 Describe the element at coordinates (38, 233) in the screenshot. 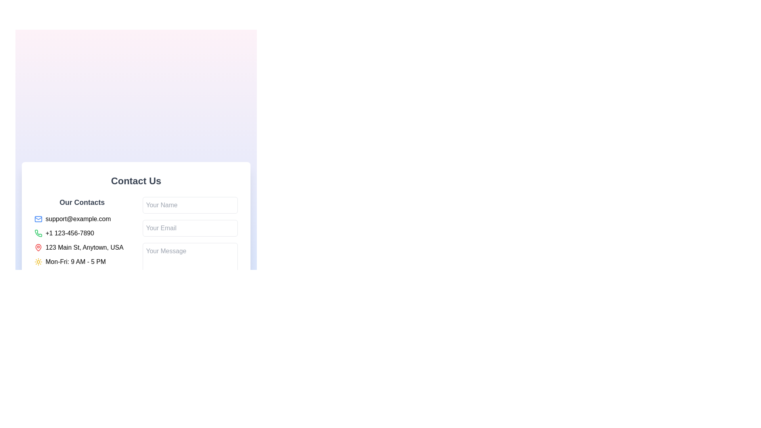

I see `the green-colored phone icon that resembles a traditional telephone receiver, located in the 'Our Contacts' section, to the left of the '+1 123-456-7890' phone number` at that location.